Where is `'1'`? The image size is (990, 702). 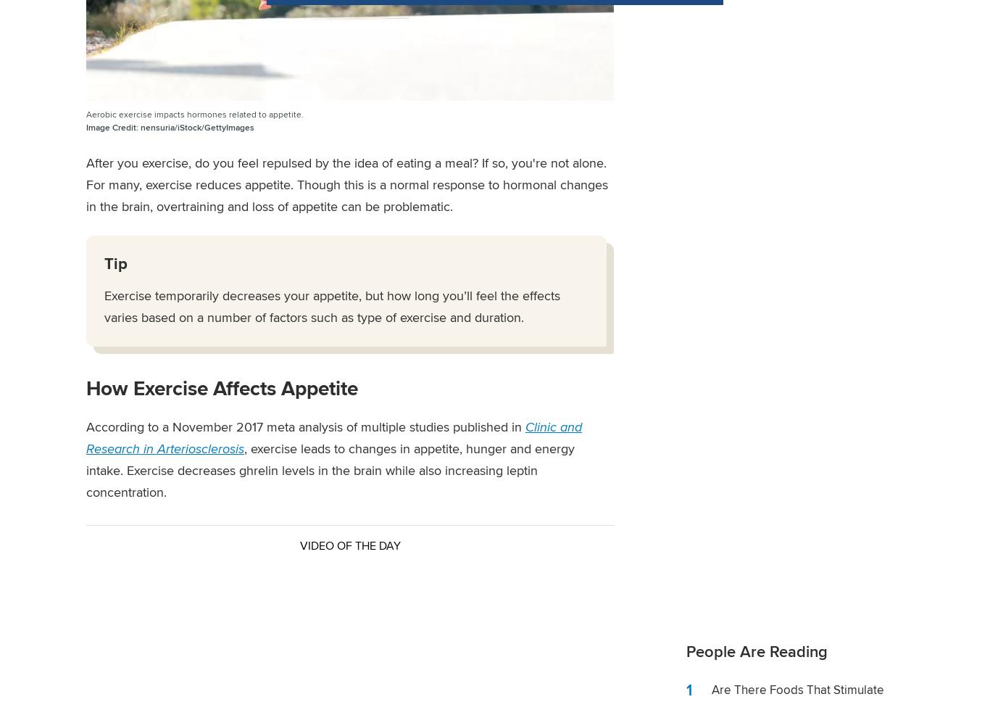
'1' is located at coordinates (689, 688).